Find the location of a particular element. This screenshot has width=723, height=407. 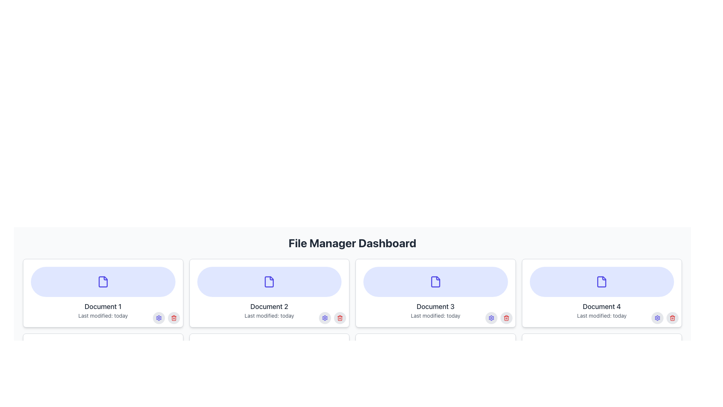

metadata displayed in the light gray text label that shows 'Last modified: today' located below the main label of the card 'Document 3' is located at coordinates (435, 315).